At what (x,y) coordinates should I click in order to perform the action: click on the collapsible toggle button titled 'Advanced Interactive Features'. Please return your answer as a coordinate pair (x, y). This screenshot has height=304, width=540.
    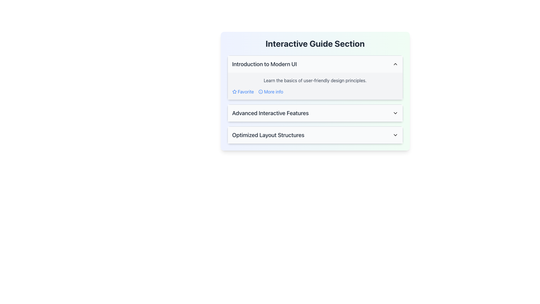
    Looking at the image, I should click on (315, 113).